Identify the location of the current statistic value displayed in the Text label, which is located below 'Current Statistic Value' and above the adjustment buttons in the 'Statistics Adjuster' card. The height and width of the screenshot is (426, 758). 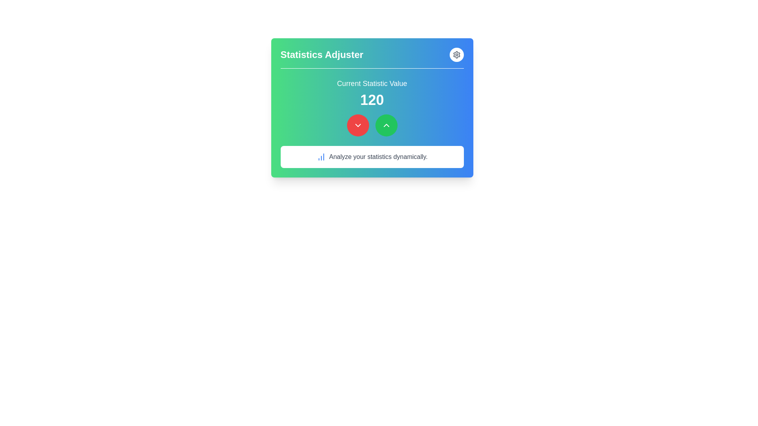
(371, 100).